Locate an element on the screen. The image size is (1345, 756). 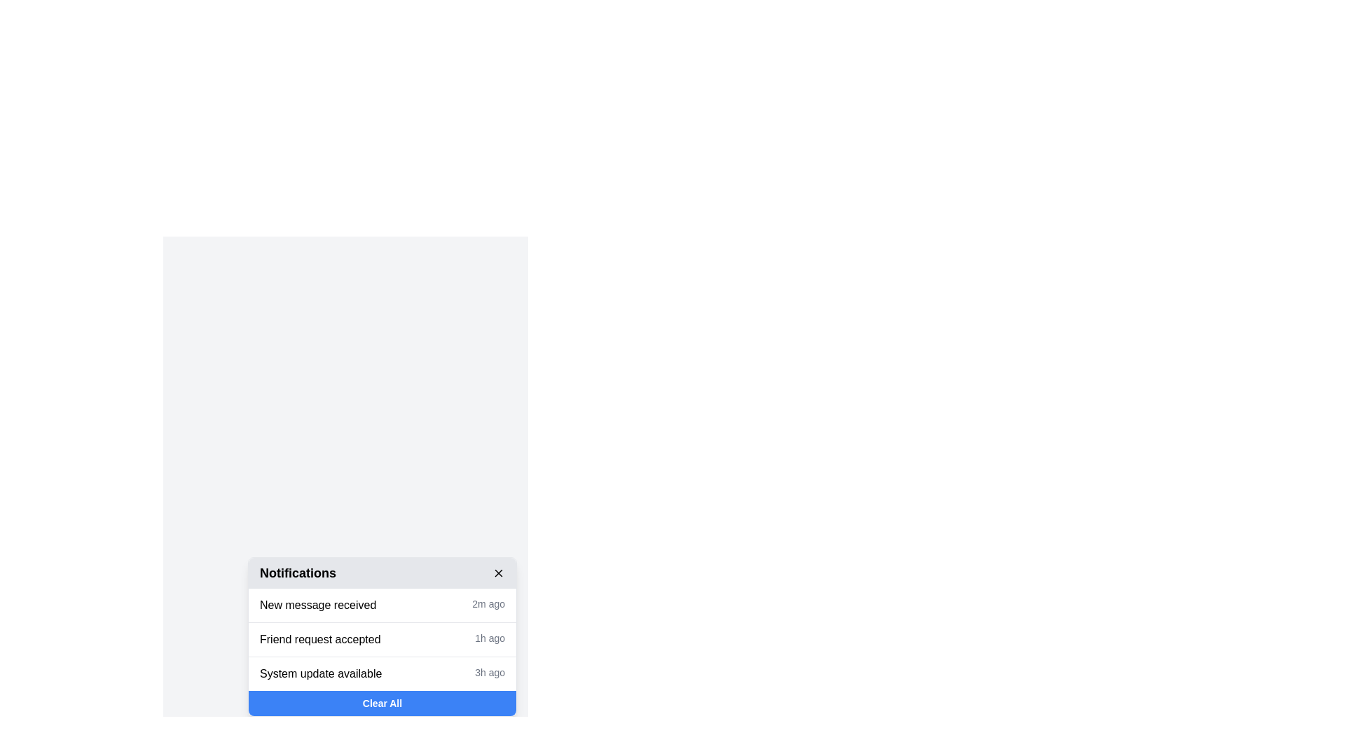
the 'Notifications' text label, which is a bold and large font title in black color located at the top-left corner of the header section in the notification panel is located at coordinates (297, 573).